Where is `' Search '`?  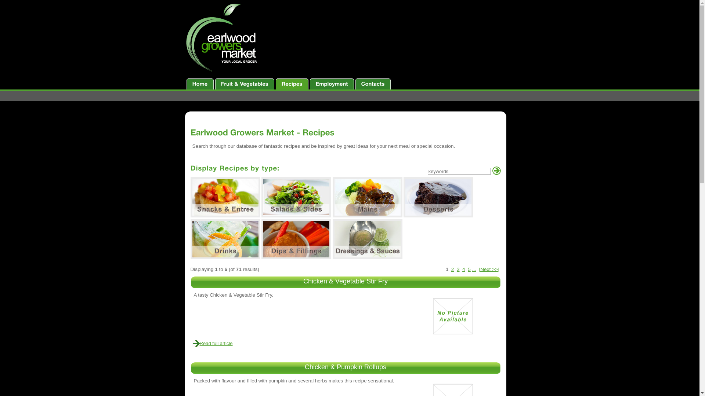 ' Search ' is located at coordinates (496, 170).